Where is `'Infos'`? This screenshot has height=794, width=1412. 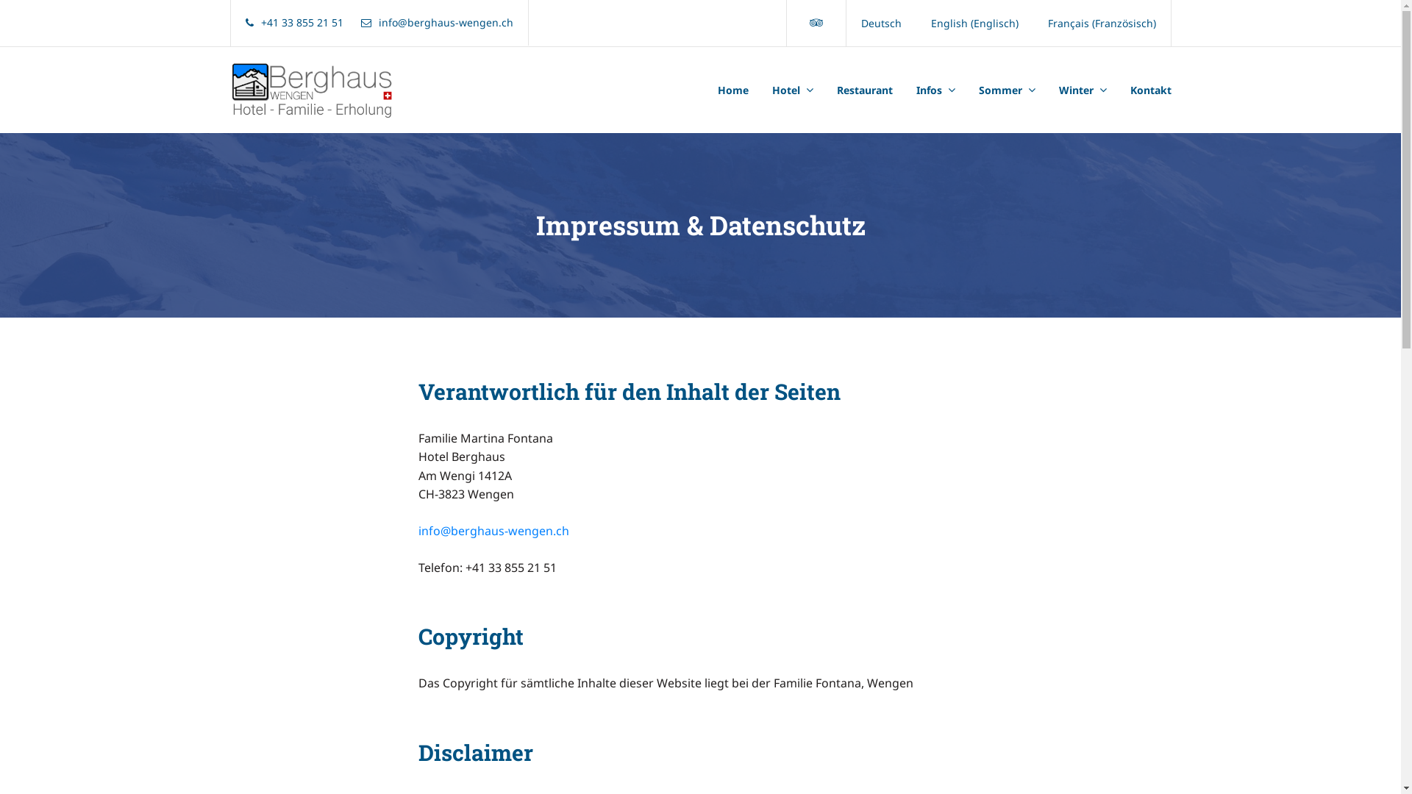
'Infos' is located at coordinates (935, 90).